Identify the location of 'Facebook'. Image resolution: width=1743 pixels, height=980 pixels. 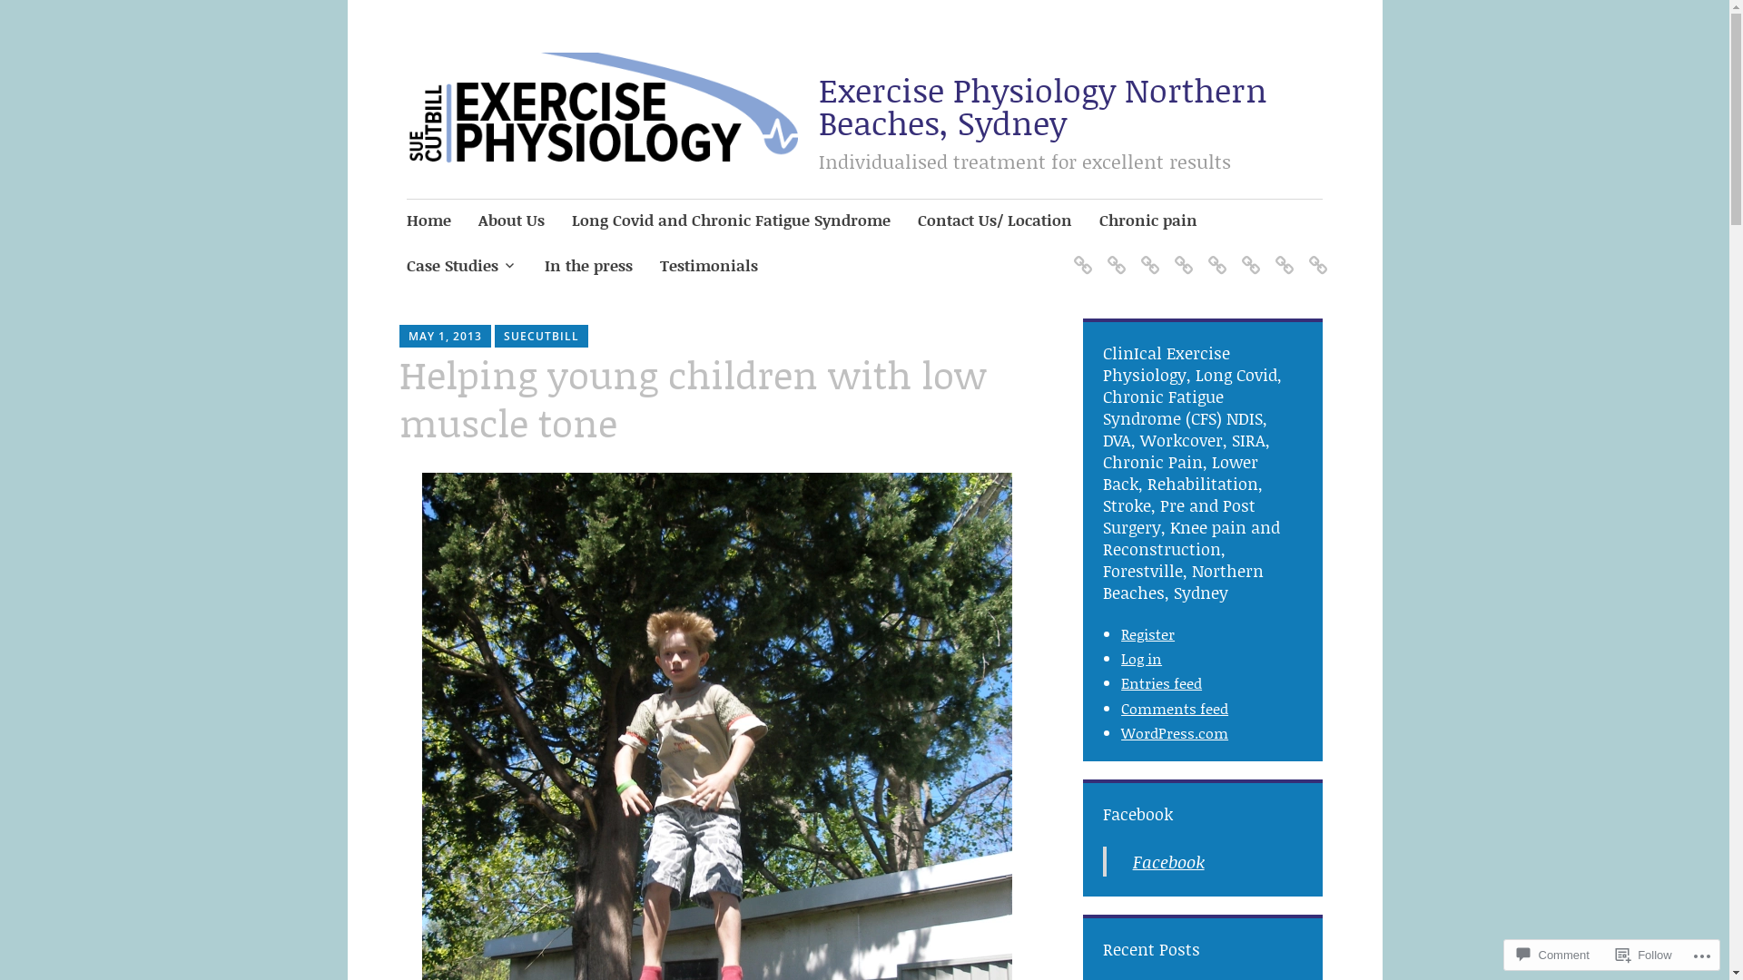
(1137, 813).